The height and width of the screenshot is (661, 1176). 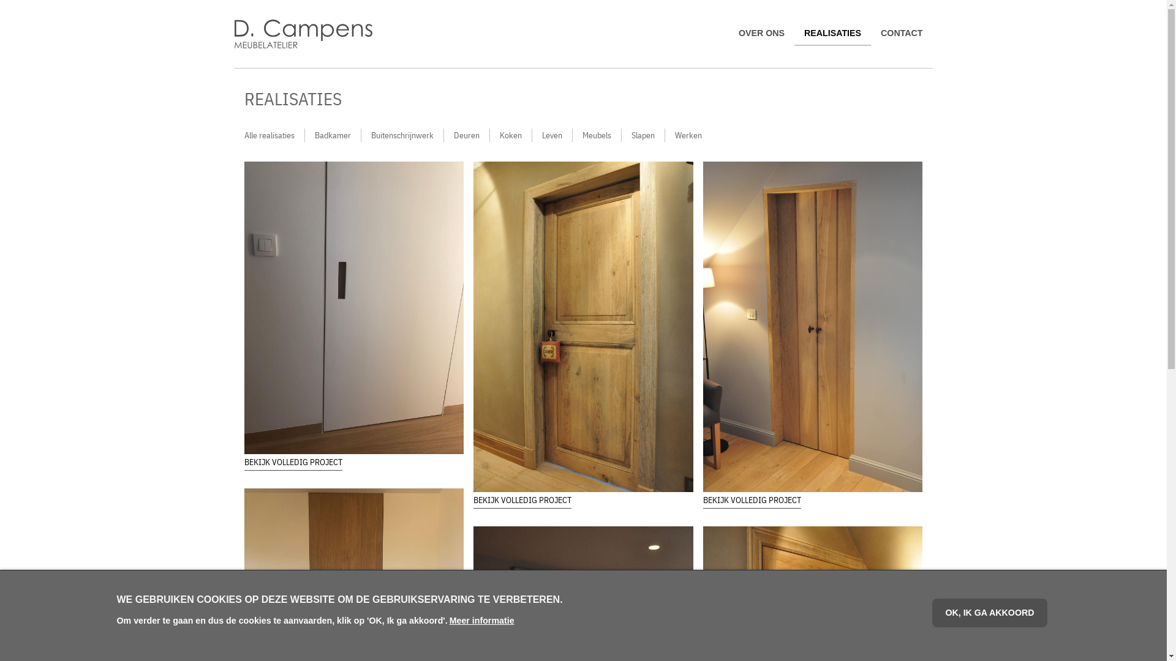 I want to click on 'BEKIJK VOLLEDIG PROJECT', so click(x=703, y=500).